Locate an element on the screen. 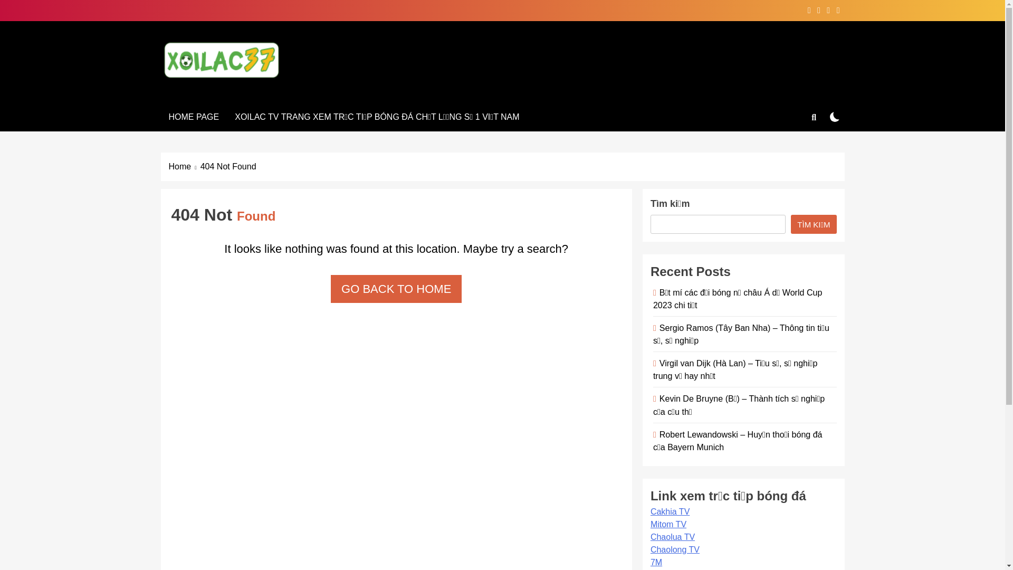 The width and height of the screenshot is (1013, 570). 'Xoilac TV' is located at coordinates (214, 93).